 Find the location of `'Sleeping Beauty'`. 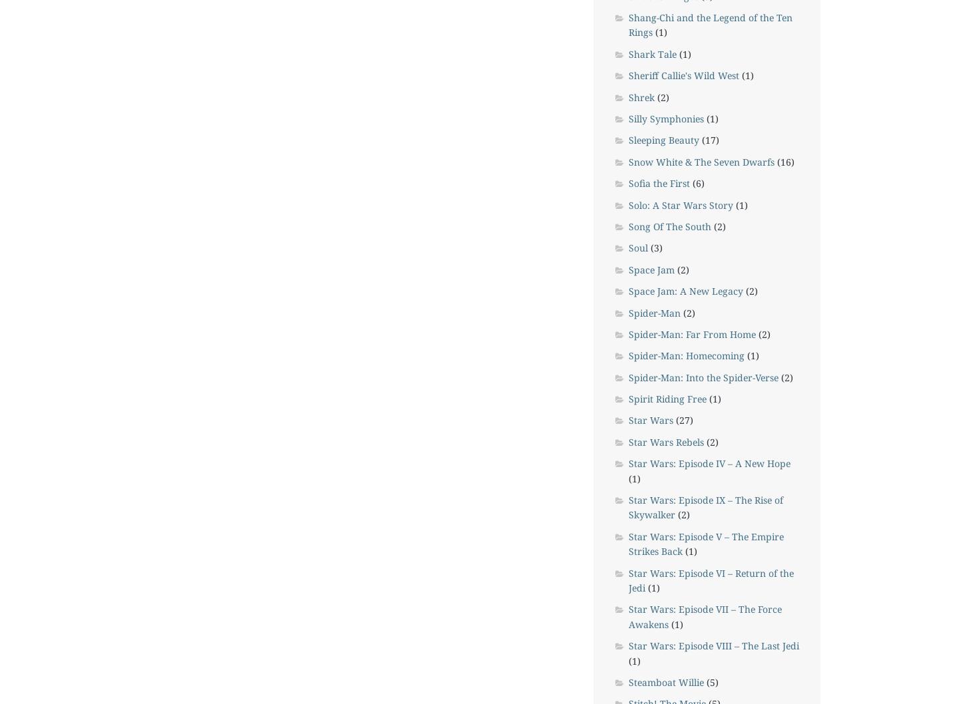

'Sleeping Beauty' is located at coordinates (663, 140).